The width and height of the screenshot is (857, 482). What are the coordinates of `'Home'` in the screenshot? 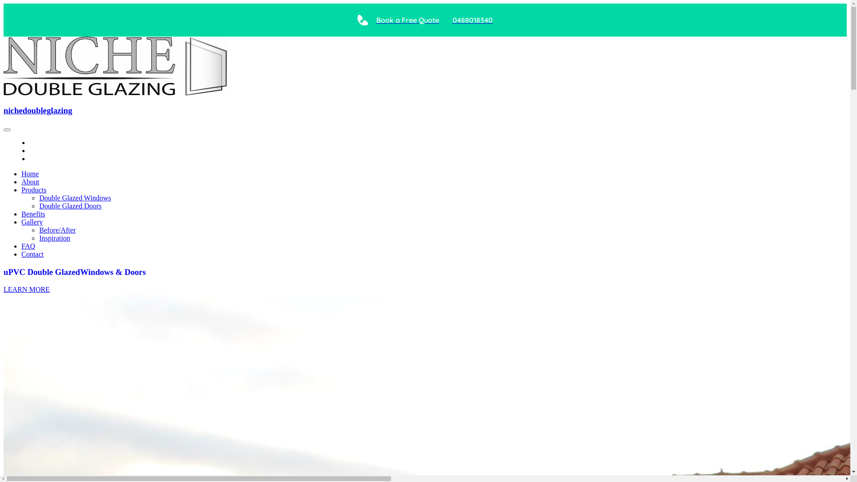 It's located at (30, 174).